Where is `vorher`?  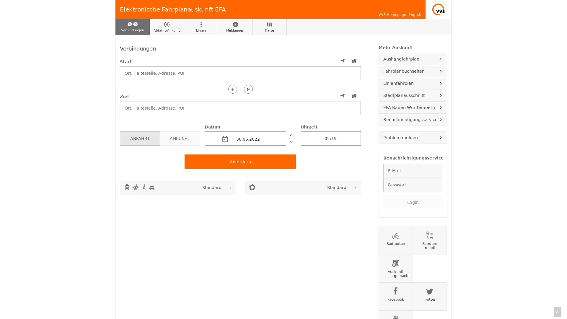
vorher is located at coordinates (291, 134).